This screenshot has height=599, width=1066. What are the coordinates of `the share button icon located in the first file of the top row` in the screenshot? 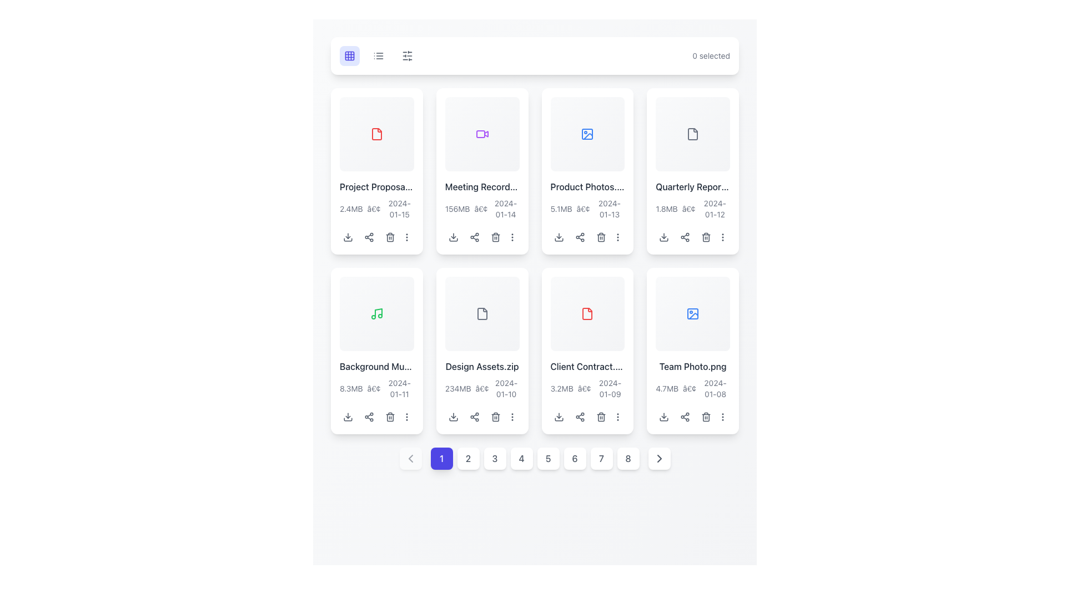 It's located at (369, 236).